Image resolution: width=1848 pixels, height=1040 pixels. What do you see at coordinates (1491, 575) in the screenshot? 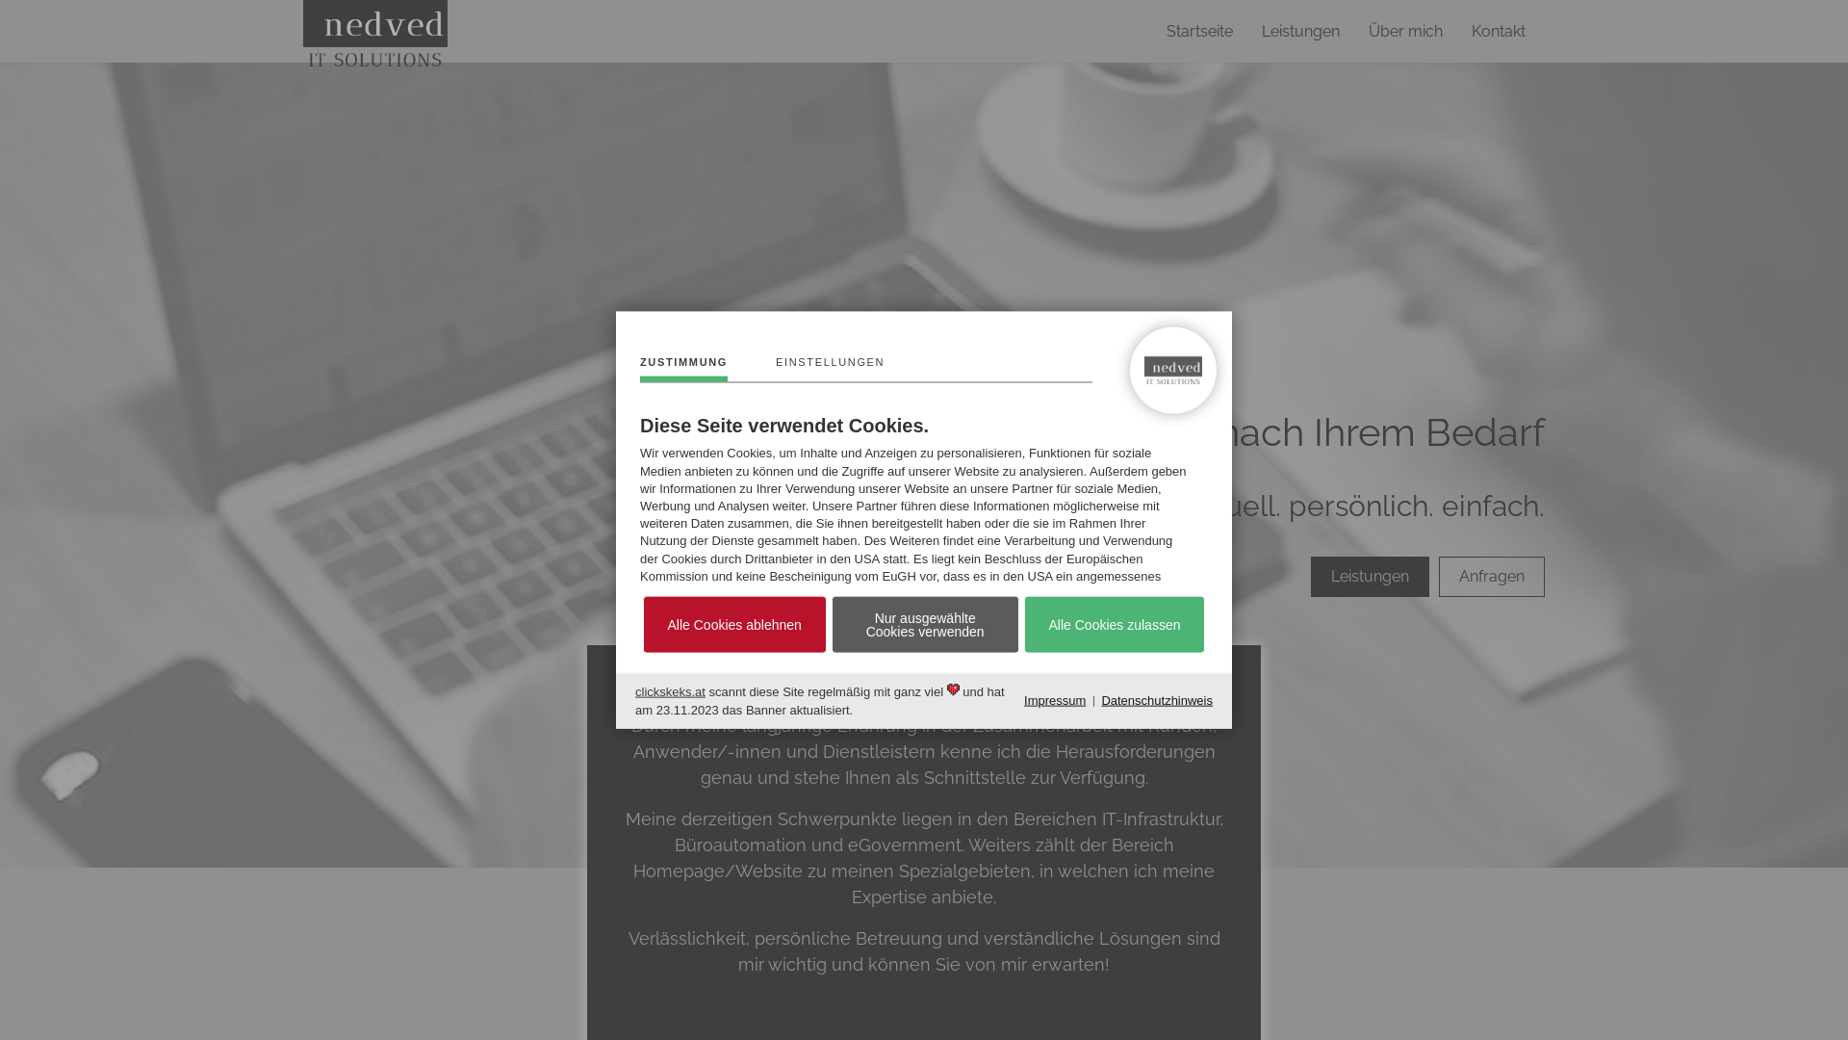
I see `'Anfragen'` at bounding box center [1491, 575].